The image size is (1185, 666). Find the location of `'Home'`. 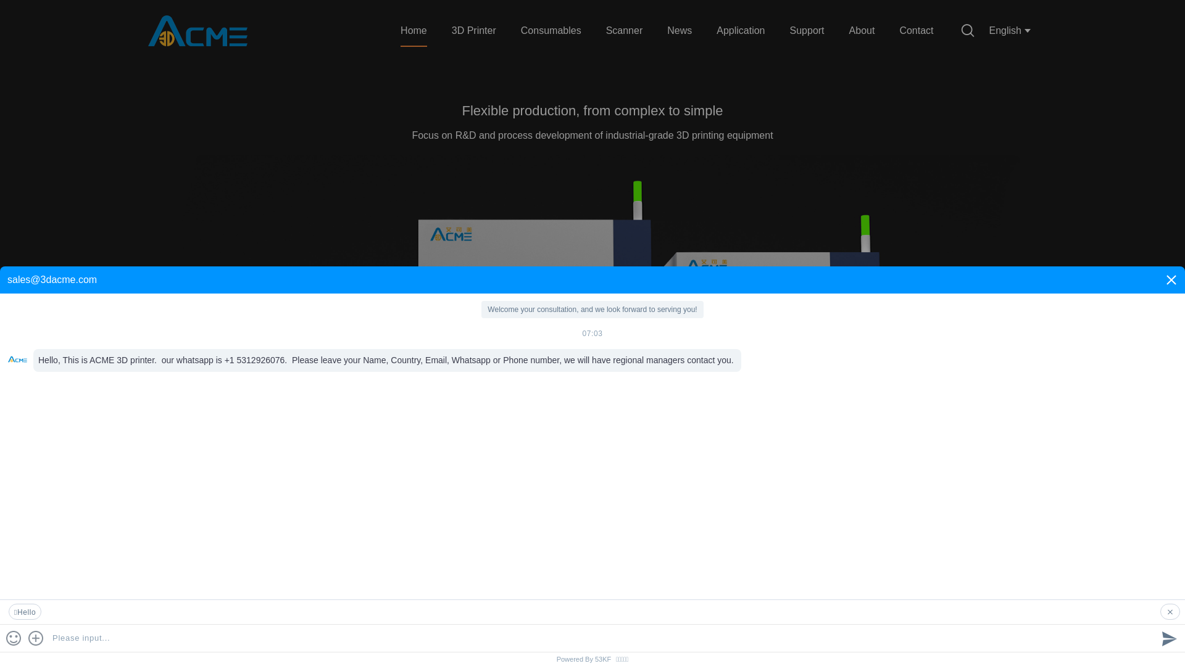

'Home' is located at coordinates (414, 30).